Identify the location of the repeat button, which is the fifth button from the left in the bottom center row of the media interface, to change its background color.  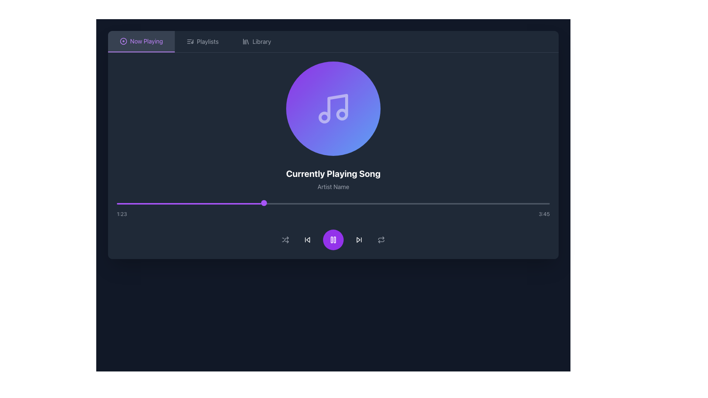
(381, 240).